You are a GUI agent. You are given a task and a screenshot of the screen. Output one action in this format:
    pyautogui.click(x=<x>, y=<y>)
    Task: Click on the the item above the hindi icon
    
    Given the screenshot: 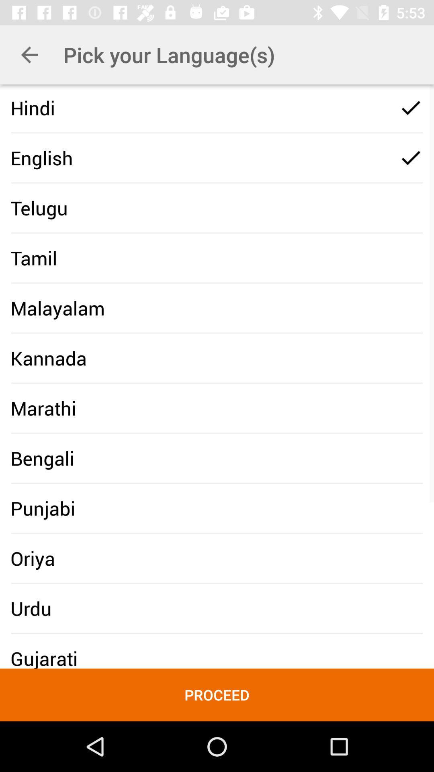 What is the action you would take?
    pyautogui.click(x=29, y=54)
    